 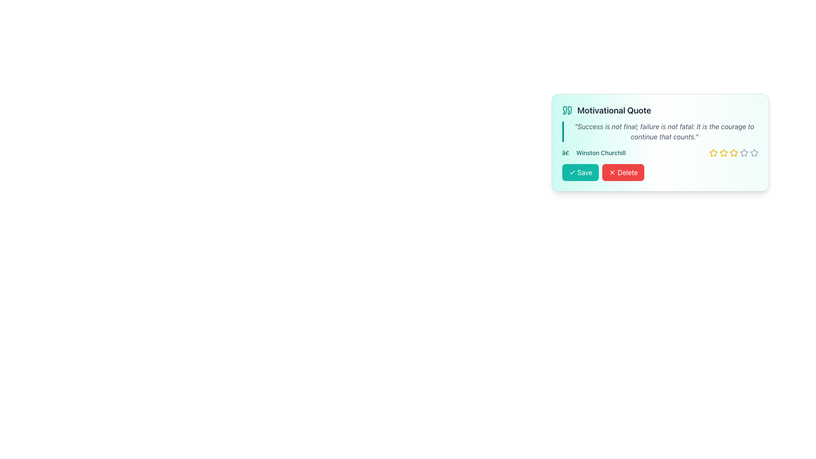 I want to click on the delete button located immediately to the right of the 'Save' button at the bottom of the card, so click(x=623, y=172).